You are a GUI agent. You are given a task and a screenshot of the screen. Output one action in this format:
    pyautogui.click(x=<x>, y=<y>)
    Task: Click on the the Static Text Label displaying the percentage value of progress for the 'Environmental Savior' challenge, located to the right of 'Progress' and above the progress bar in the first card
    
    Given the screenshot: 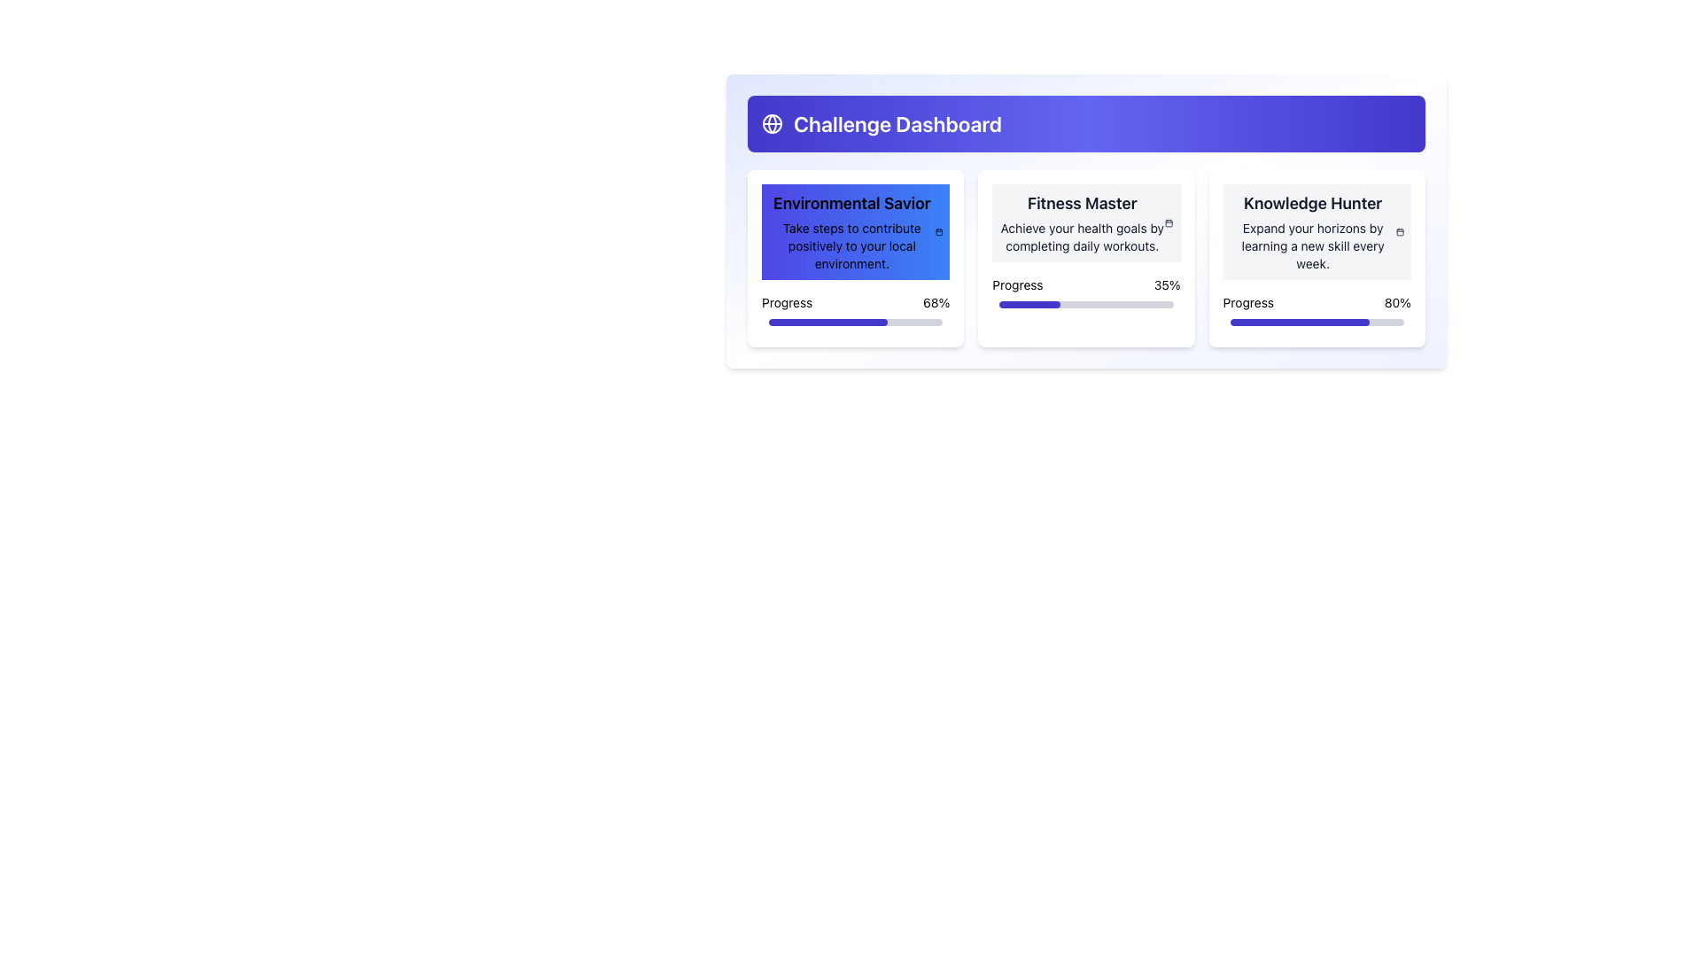 What is the action you would take?
    pyautogui.click(x=936, y=302)
    